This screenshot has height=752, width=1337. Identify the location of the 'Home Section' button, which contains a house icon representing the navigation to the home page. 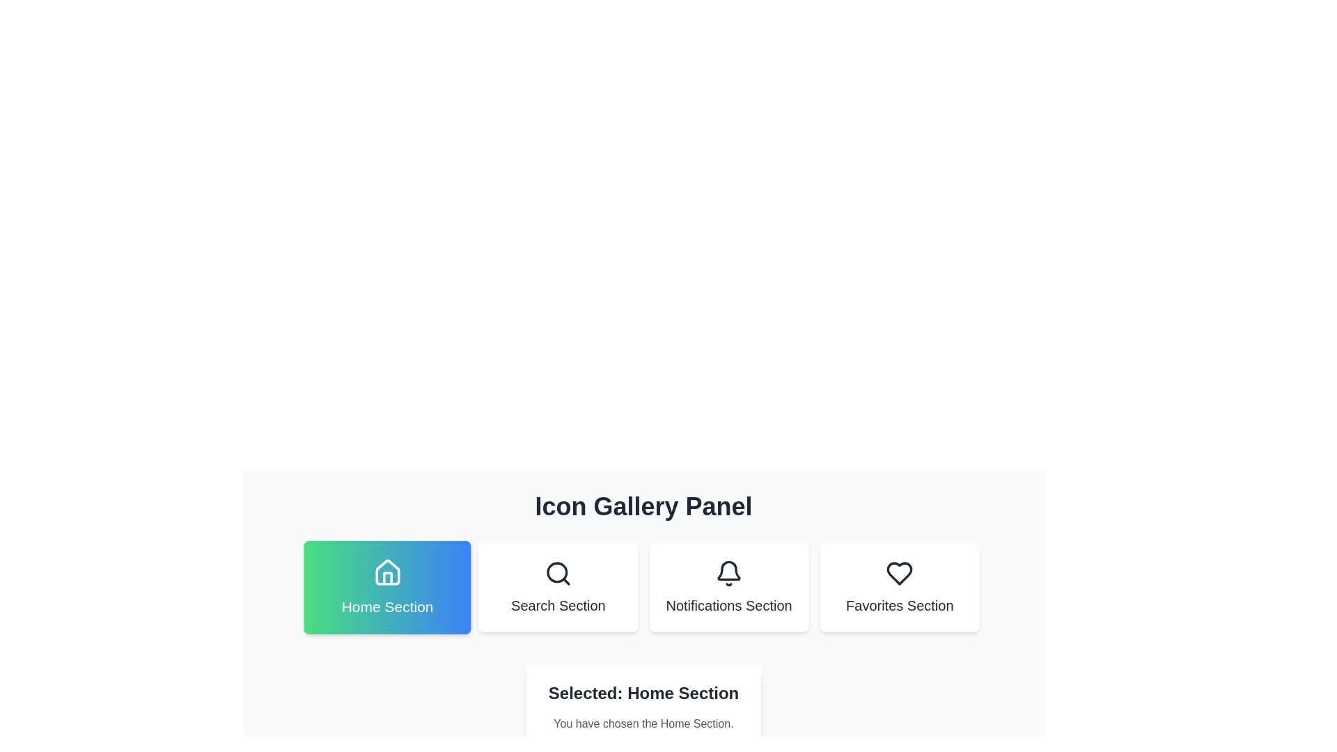
(387, 572).